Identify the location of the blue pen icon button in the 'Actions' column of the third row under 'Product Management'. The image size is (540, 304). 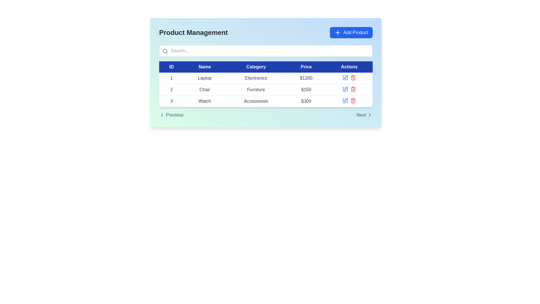
(345, 100).